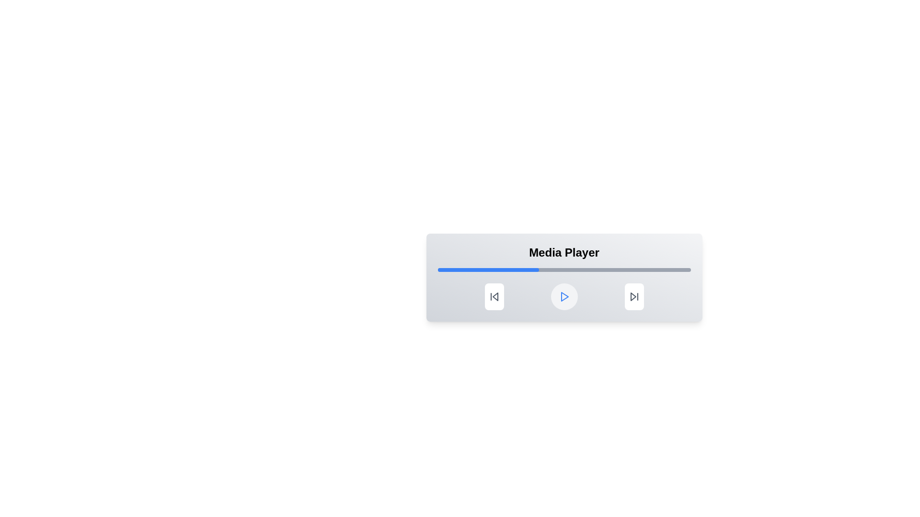  What do you see at coordinates (566, 270) in the screenshot?
I see `the progress bar` at bounding box center [566, 270].